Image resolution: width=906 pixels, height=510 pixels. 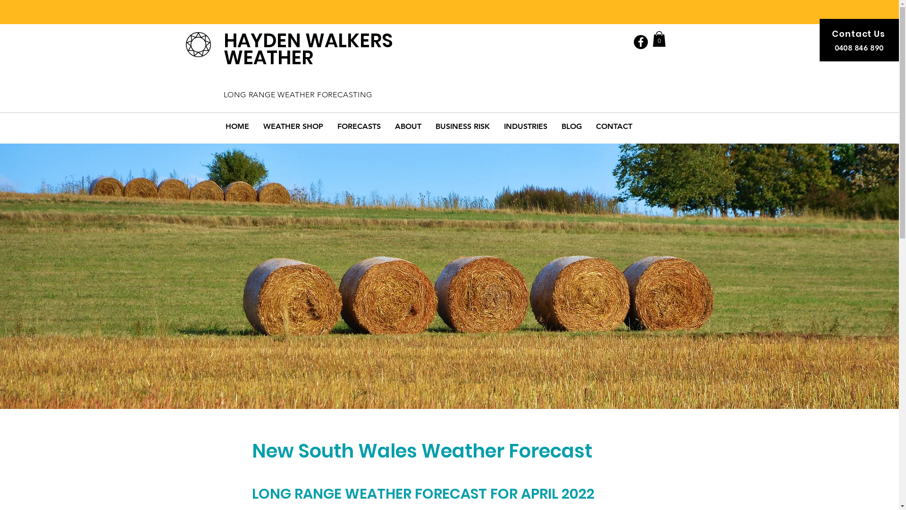 What do you see at coordinates (297, 94) in the screenshot?
I see `'LONG RANGE WEATHER FORECASTING'` at bounding box center [297, 94].